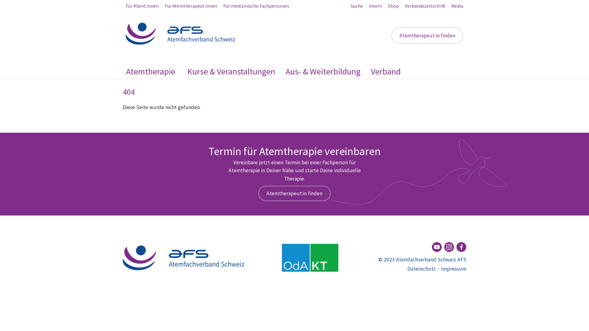 Image resolution: width=589 pixels, height=331 pixels. I want to click on 'afs-logo-desktop', so click(181, 34).